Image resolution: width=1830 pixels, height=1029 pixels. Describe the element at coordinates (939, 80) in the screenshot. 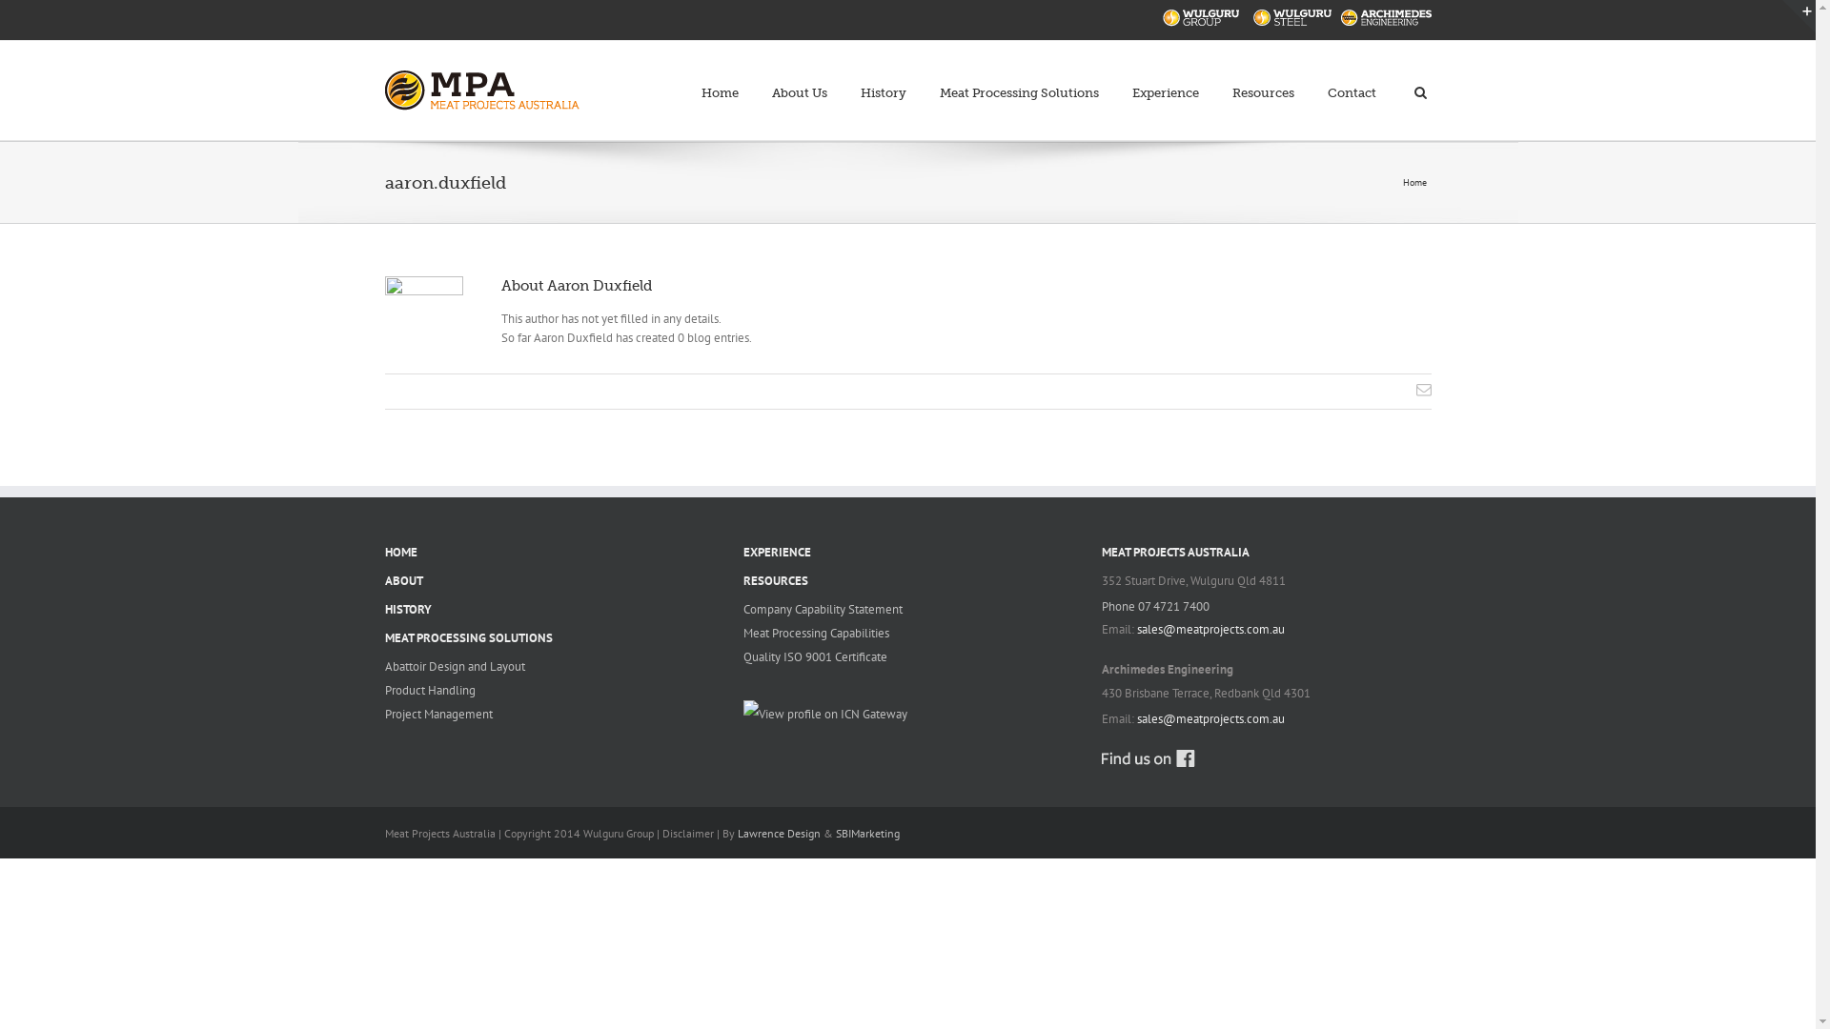

I see `'Meat Processing Solutions'` at that location.